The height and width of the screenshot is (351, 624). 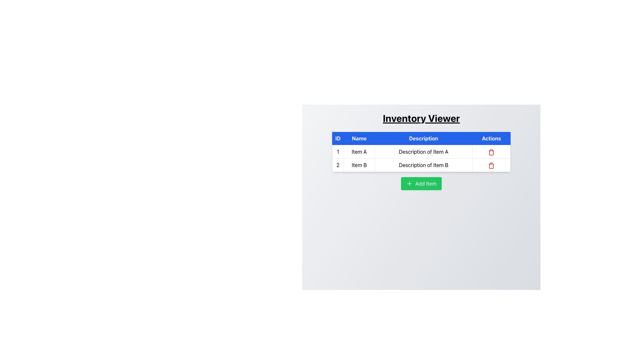 I want to click on the text label displaying 'Description of Item B' in the third column of the second row of the table, so click(x=423, y=165).